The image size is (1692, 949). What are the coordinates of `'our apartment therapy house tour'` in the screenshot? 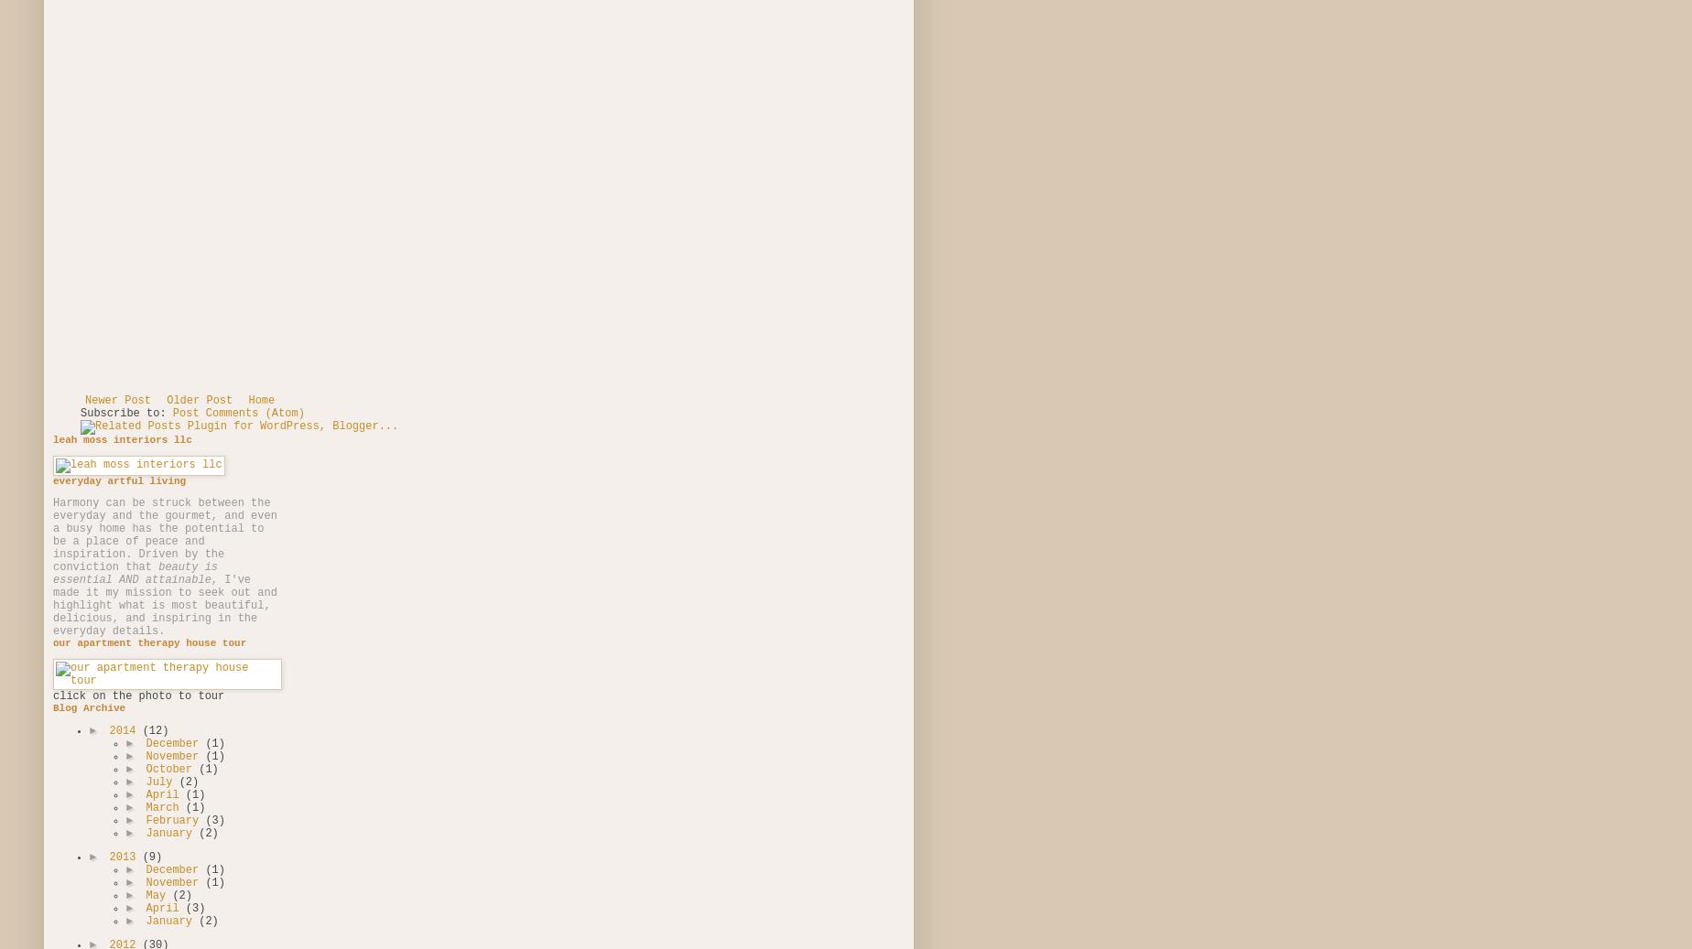 It's located at (53, 642).